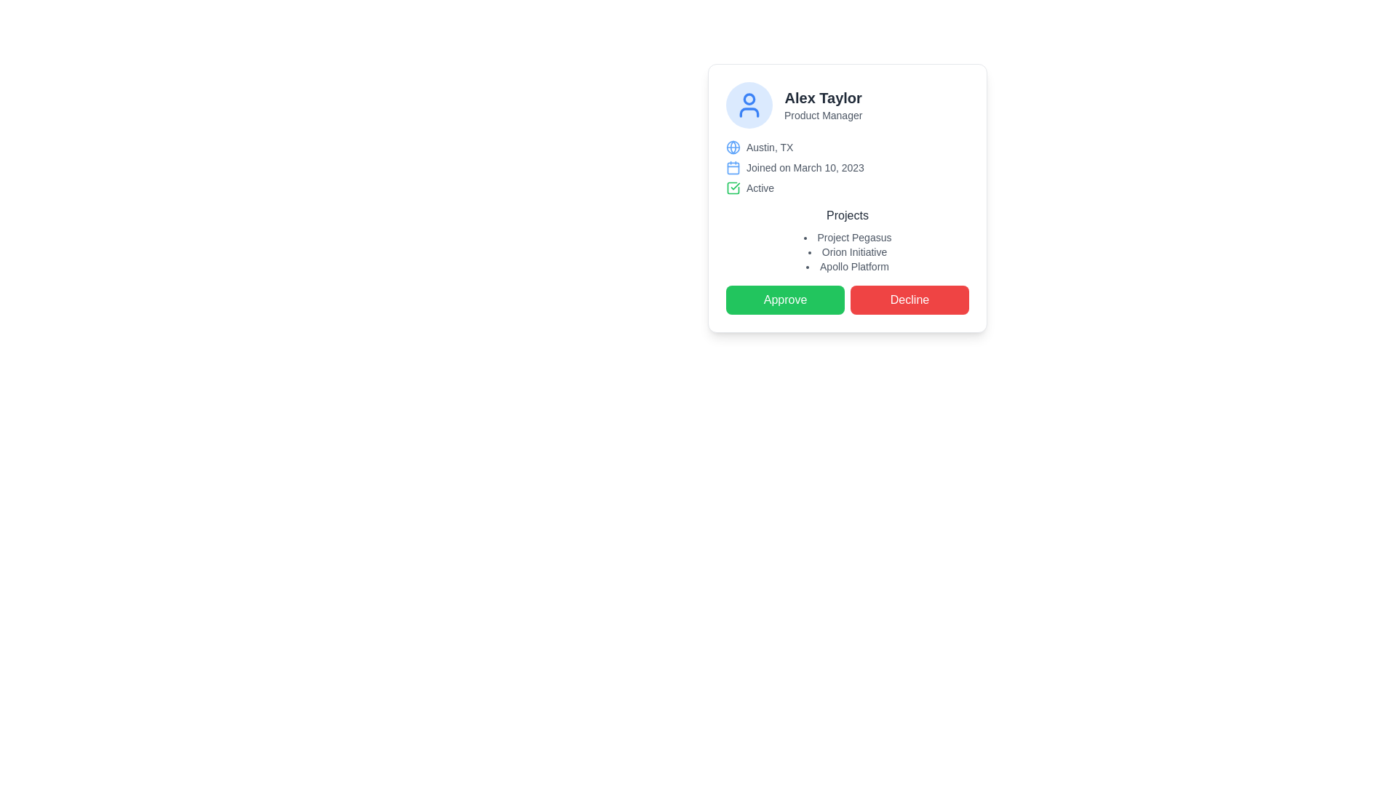 The image size is (1397, 785). What do you see at coordinates (733, 187) in the screenshot?
I see `the small, green-outlined square icon with a checkmark, located to the left of the text 'Active' in the card-like user interface` at bounding box center [733, 187].